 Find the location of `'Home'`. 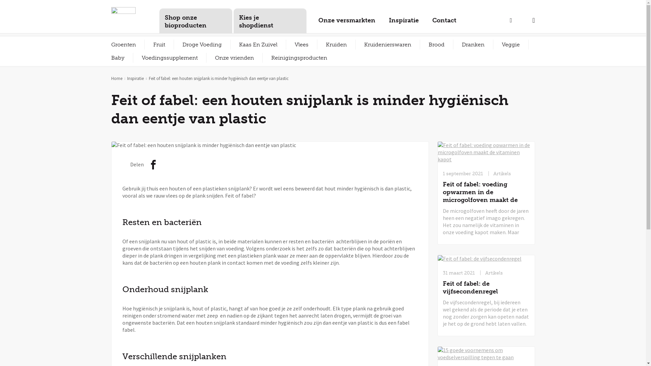

'Home' is located at coordinates (117, 78).